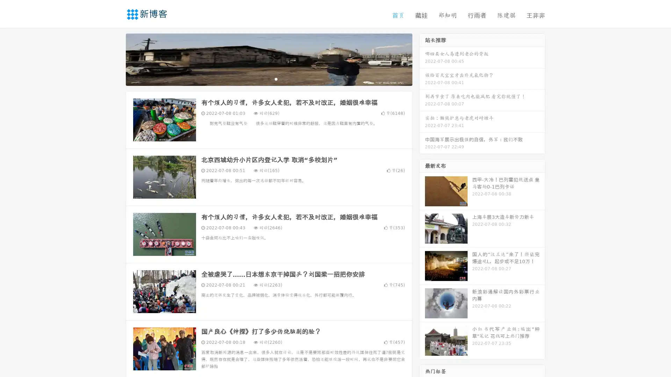 The width and height of the screenshot is (671, 377). I want to click on Previous slide, so click(115, 59).